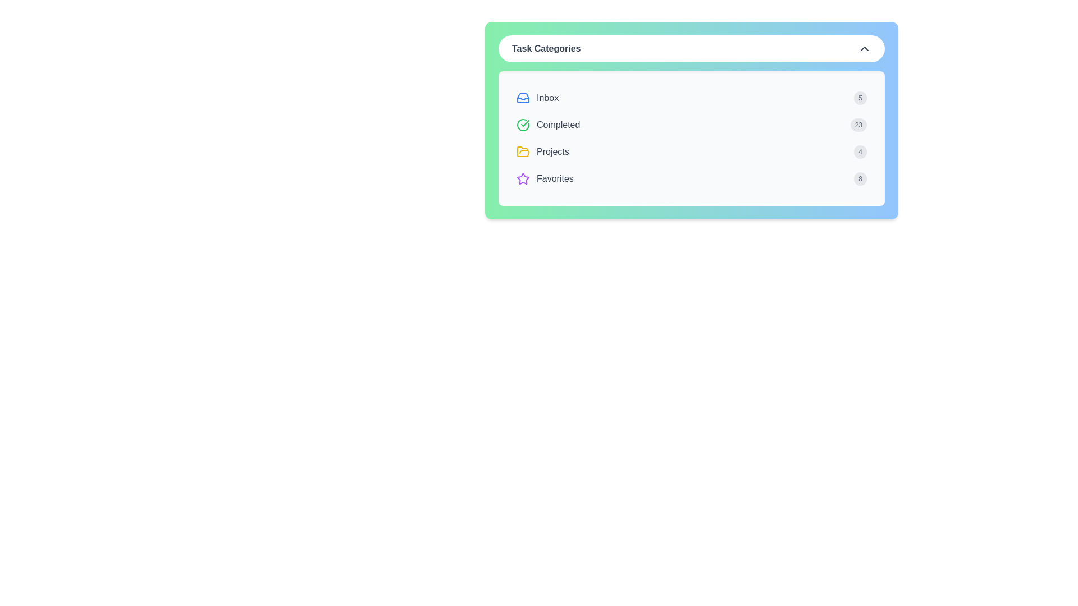 This screenshot has width=1078, height=606. Describe the element at coordinates (537, 97) in the screenshot. I see `the 'Inbox' navigation link in the task categories list` at that location.